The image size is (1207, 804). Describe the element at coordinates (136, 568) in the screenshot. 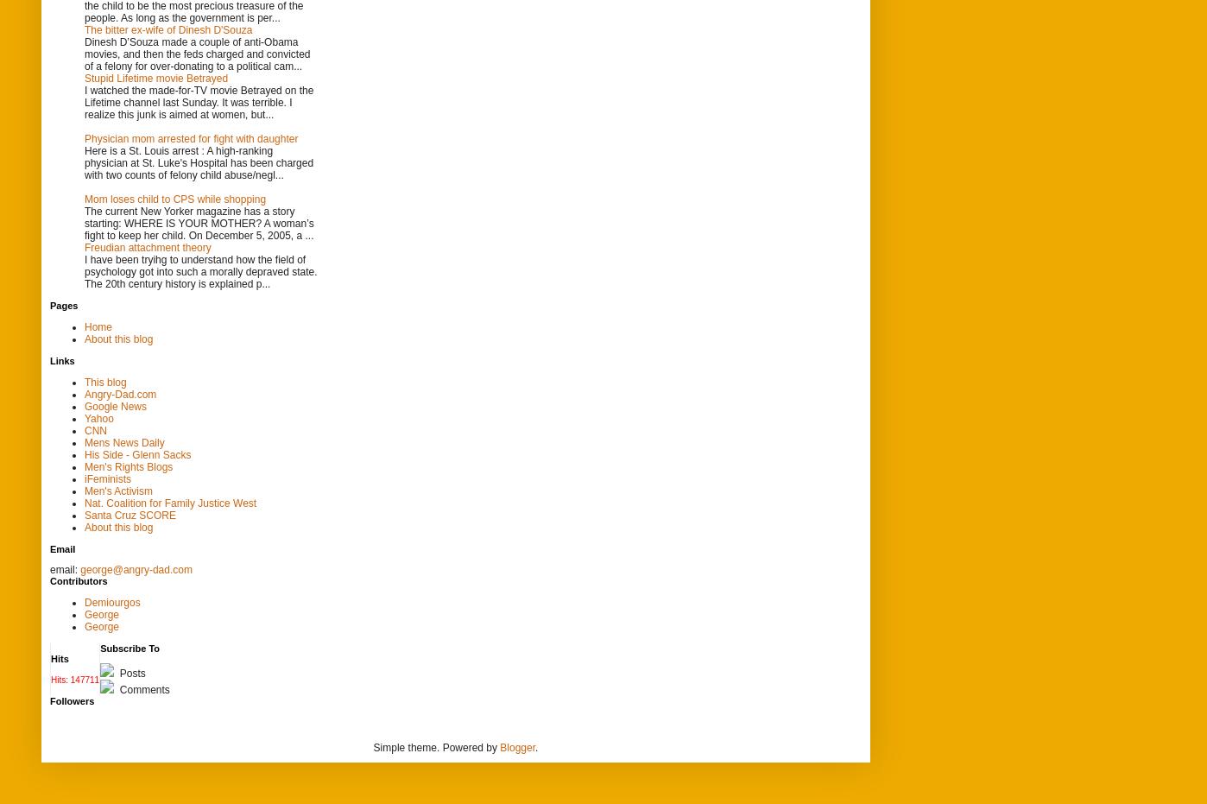

I see `'george@angry-dad.com'` at that location.